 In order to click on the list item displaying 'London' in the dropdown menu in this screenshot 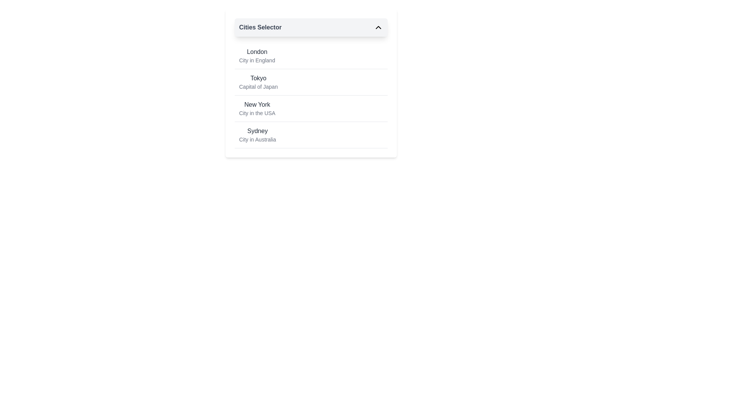, I will do `click(257, 55)`.